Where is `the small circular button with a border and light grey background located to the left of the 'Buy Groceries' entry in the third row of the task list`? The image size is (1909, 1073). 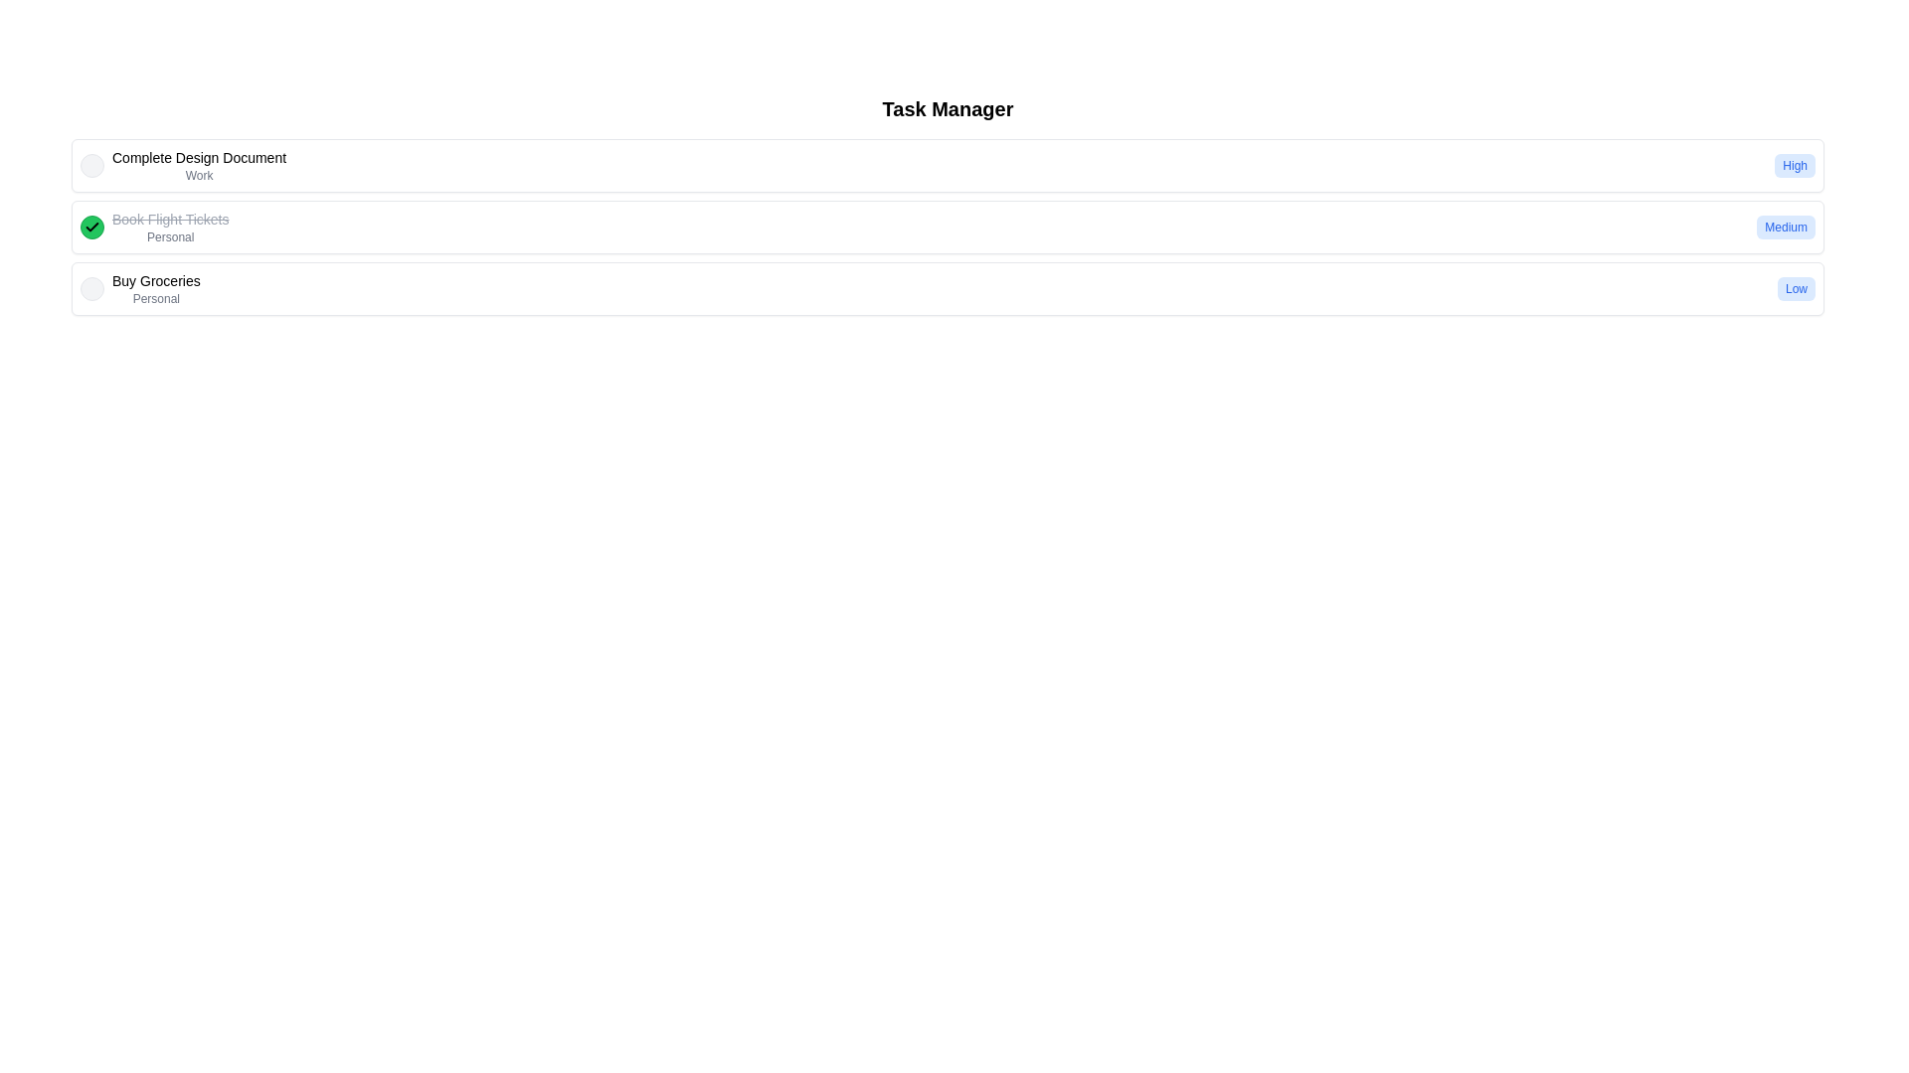 the small circular button with a border and light grey background located to the left of the 'Buy Groceries' entry in the third row of the task list is located at coordinates (90, 288).